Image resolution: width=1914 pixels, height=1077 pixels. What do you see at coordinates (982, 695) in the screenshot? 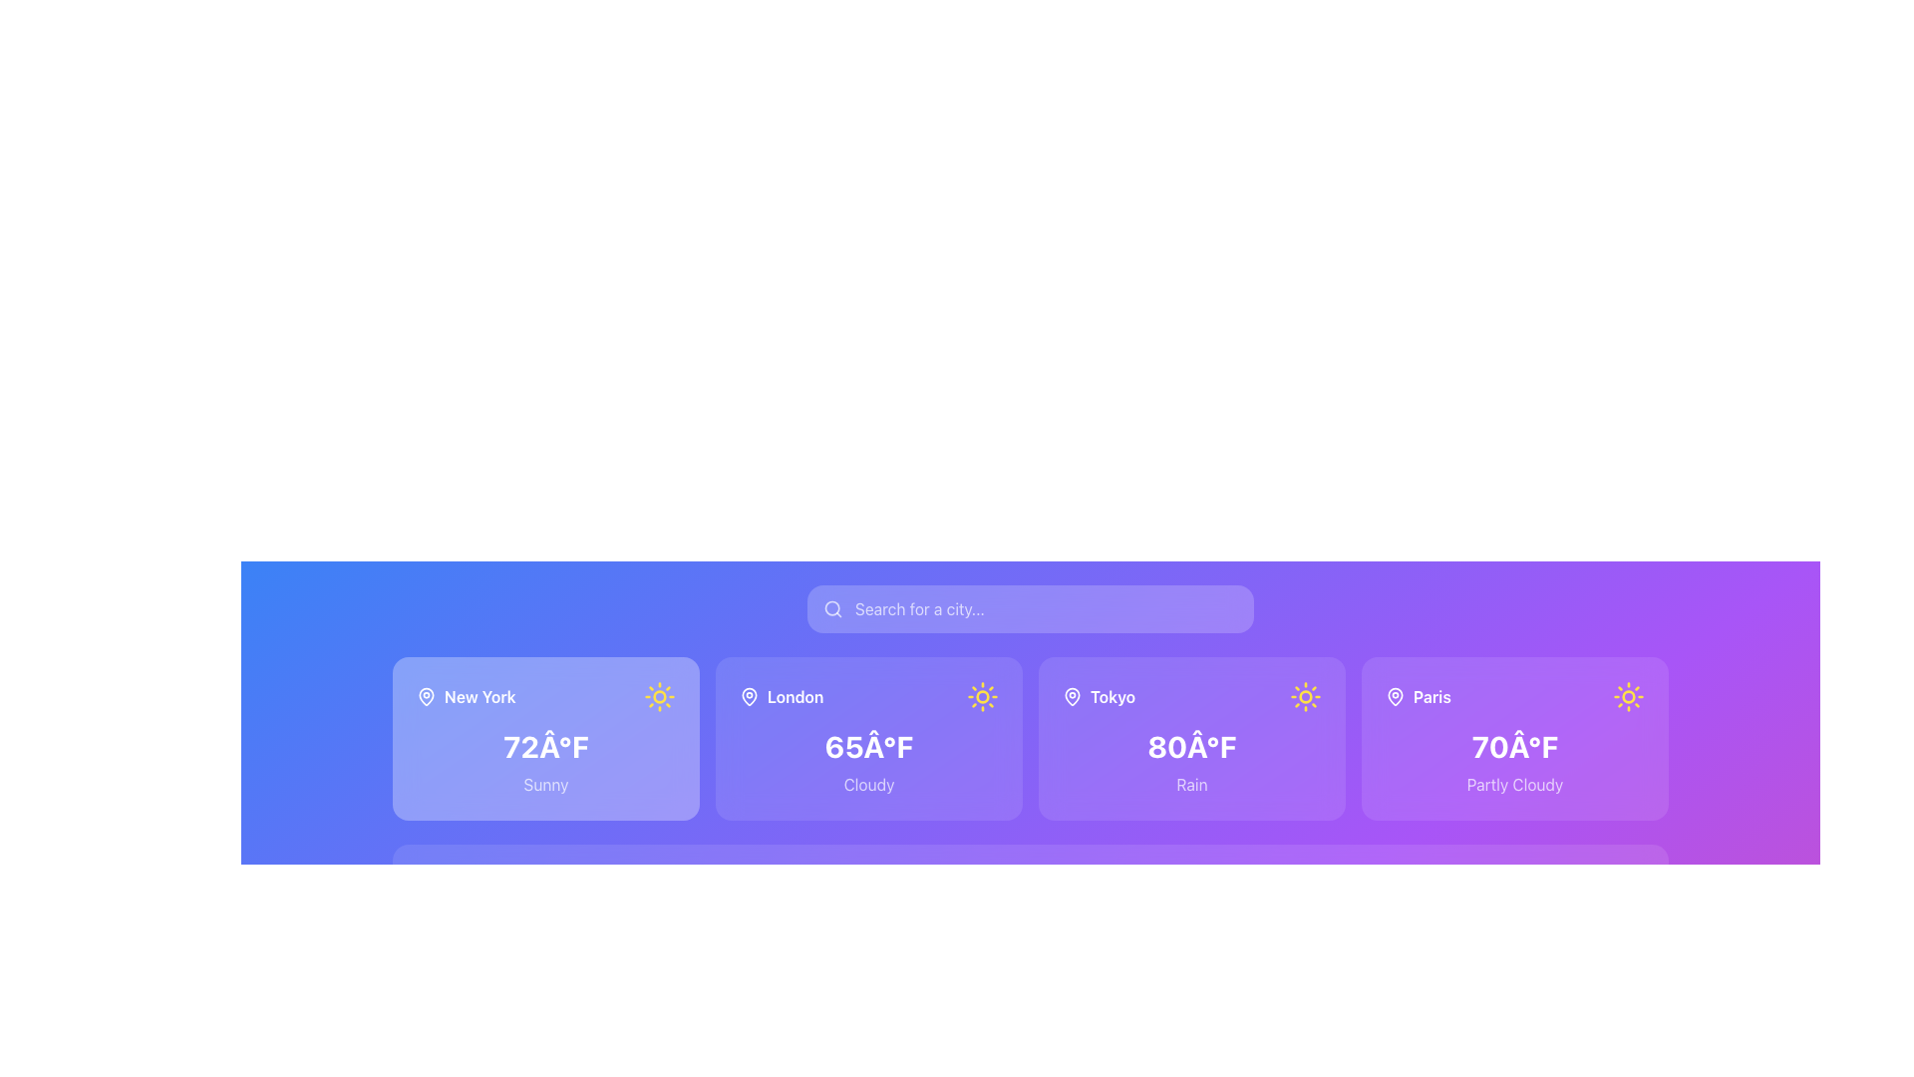
I see `the decorative element representing the core of the sun within the weather icon for 'London', located in the upper right part of the card` at bounding box center [982, 695].